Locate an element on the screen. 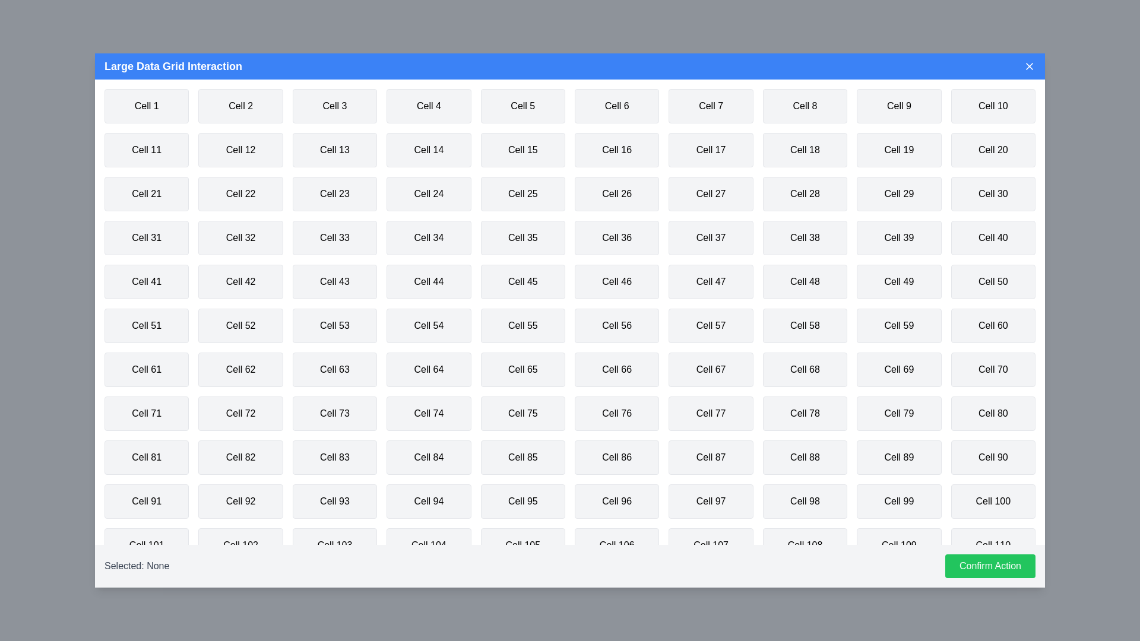  the 'Confirm Action' button to confirm the selected cell is located at coordinates (990, 565).